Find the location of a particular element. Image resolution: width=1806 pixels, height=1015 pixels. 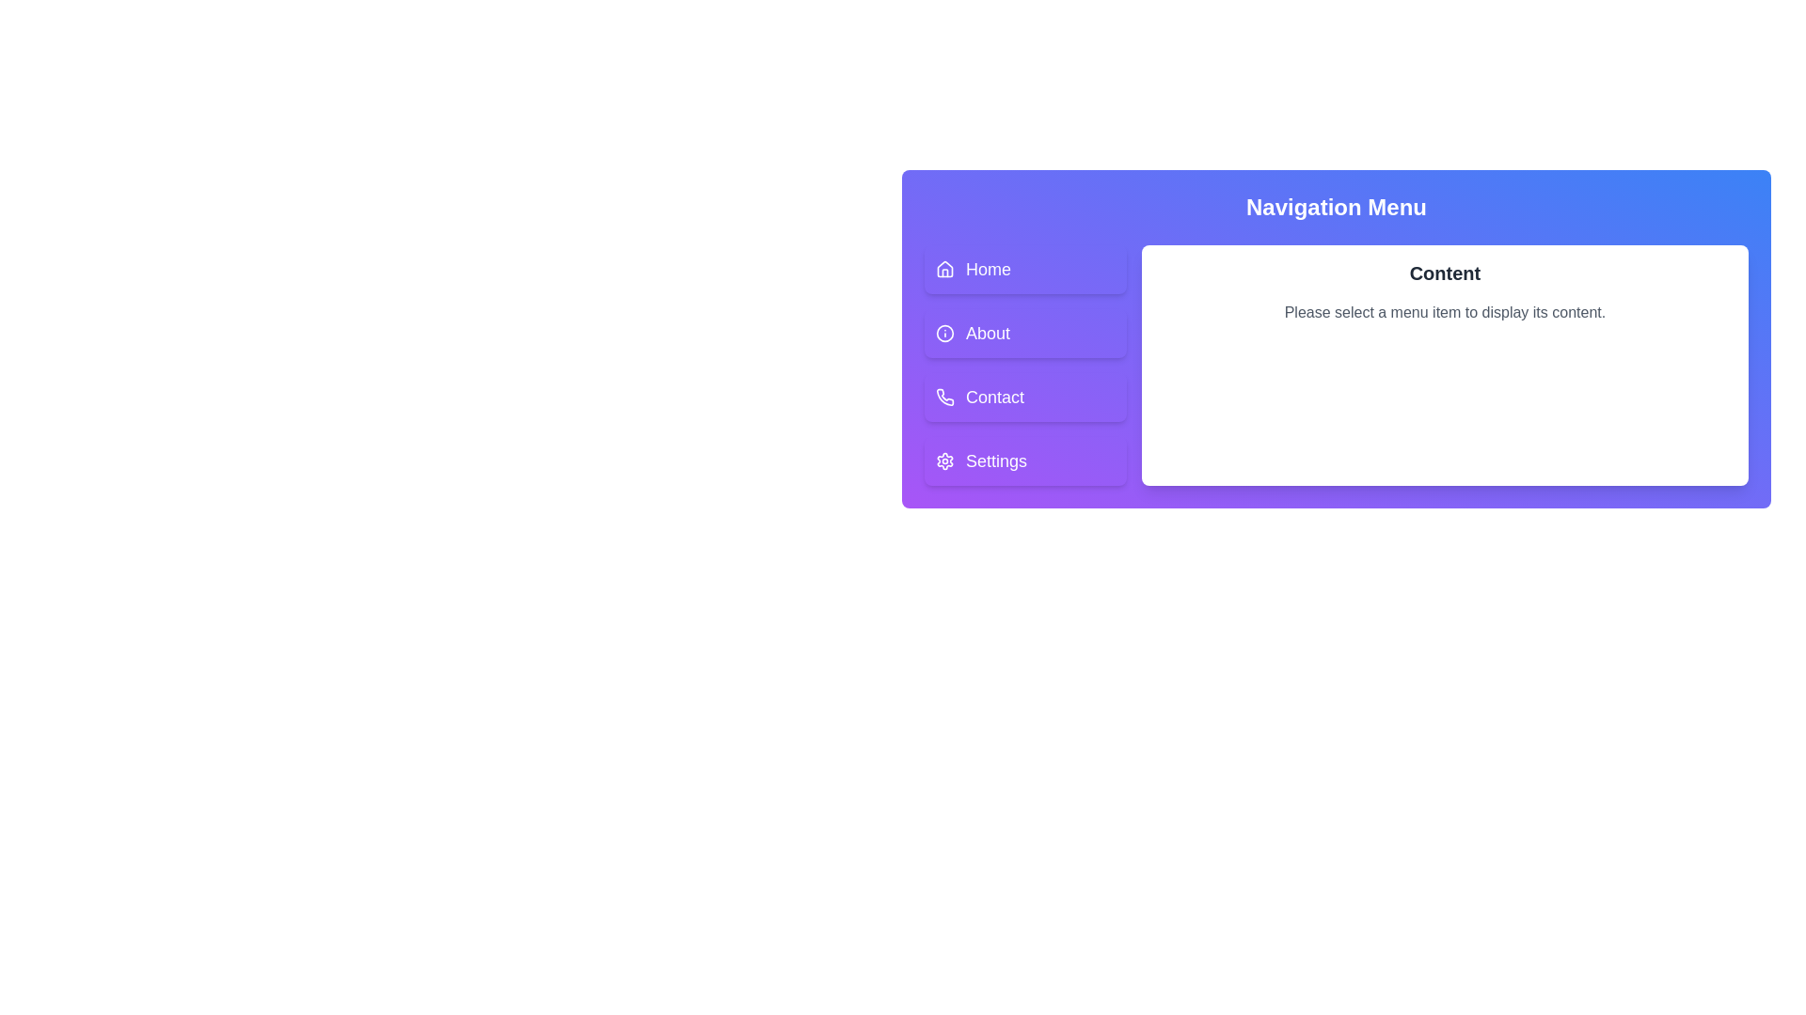

the 'Contact' text label styled in white against a purple background, located in the vertical navigation menu between 'About' and 'Settings' is located at coordinates (994, 397).